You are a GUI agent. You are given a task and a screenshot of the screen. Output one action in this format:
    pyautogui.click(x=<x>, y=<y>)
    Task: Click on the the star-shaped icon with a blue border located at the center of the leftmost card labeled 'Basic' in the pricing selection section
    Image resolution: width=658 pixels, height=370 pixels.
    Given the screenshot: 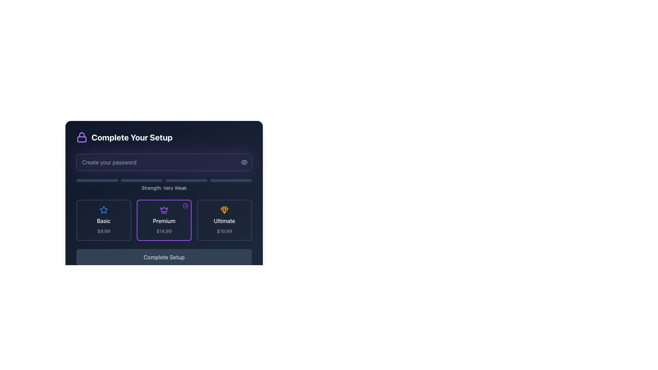 What is the action you would take?
    pyautogui.click(x=103, y=209)
    